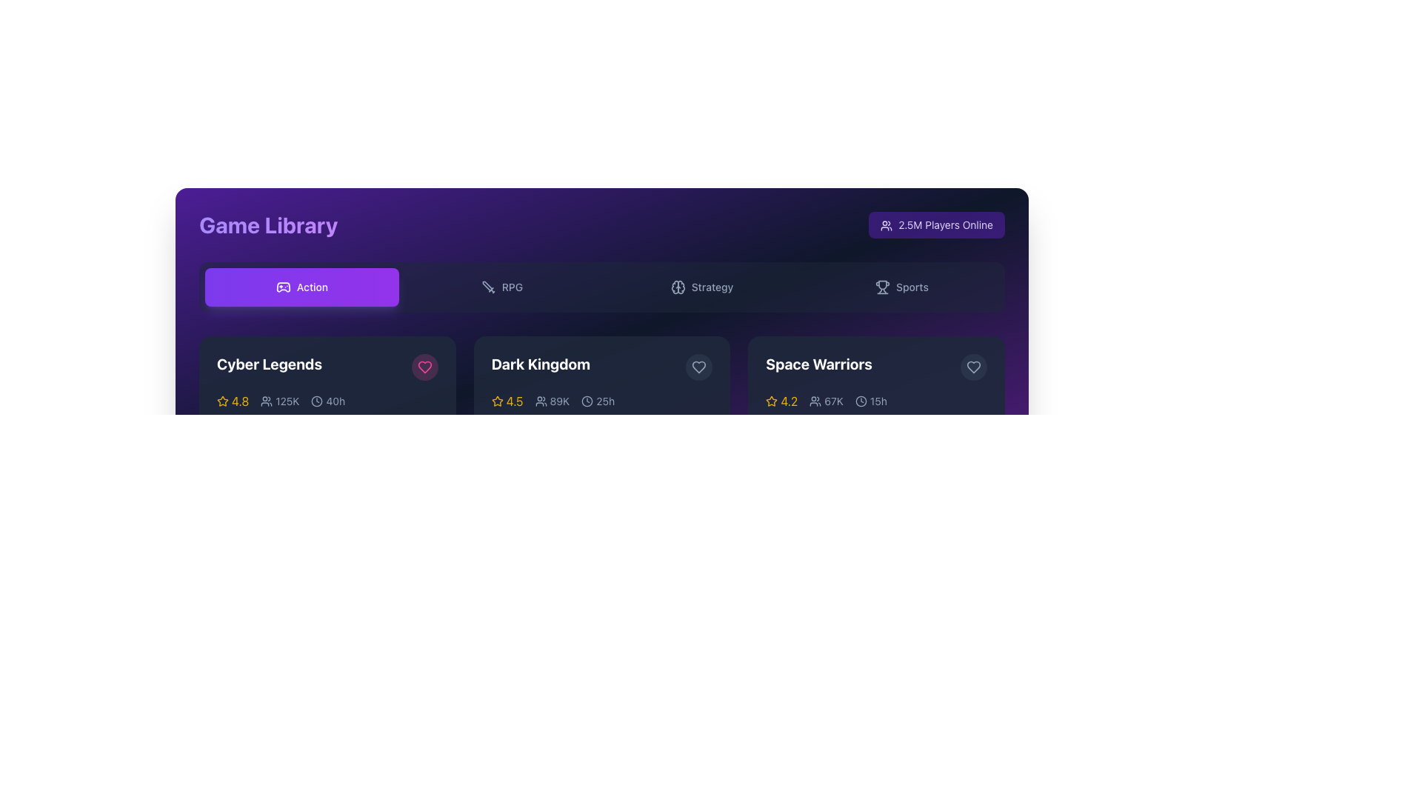 Image resolution: width=1422 pixels, height=800 pixels. What do you see at coordinates (677, 287) in the screenshot?
I see `the brain-like SVG icon representation for the 'Strategy' category button, which is positioned in the horizontal menu, to the right of 'RPG' and to the left of 'Sports'` at bounding box center [677, 287].